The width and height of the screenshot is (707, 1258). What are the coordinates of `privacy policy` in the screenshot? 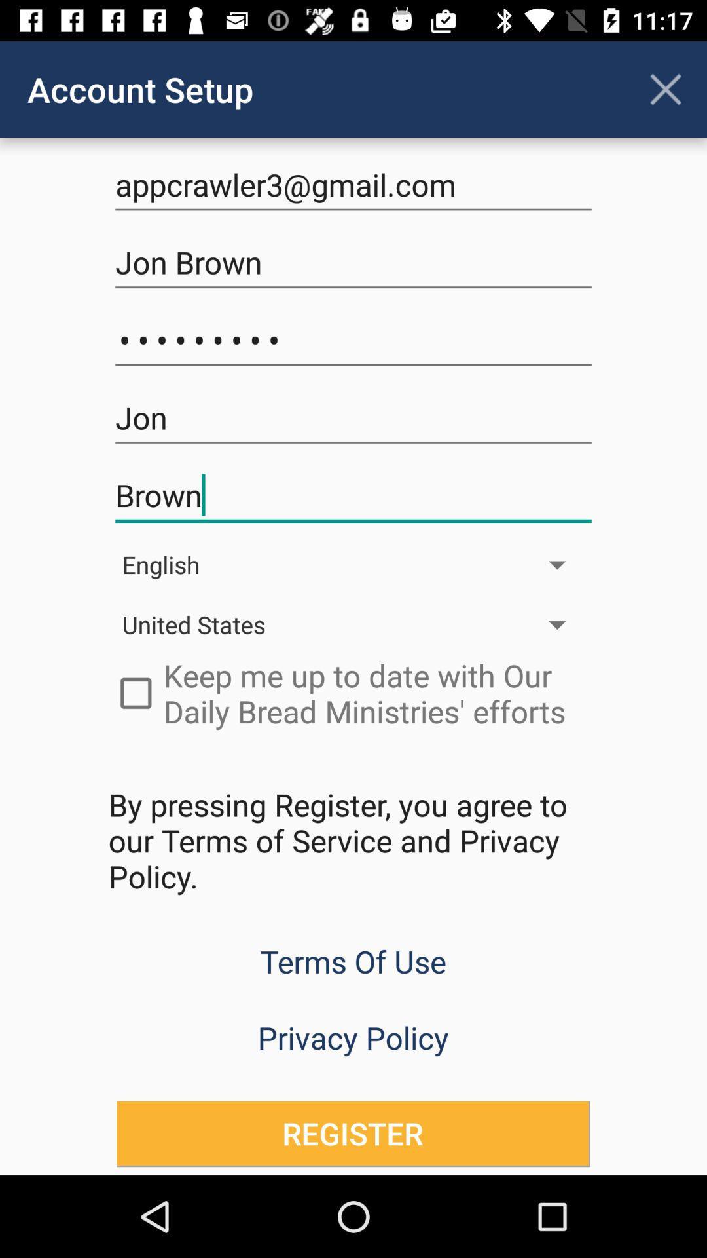 It's located at (353, 1037).